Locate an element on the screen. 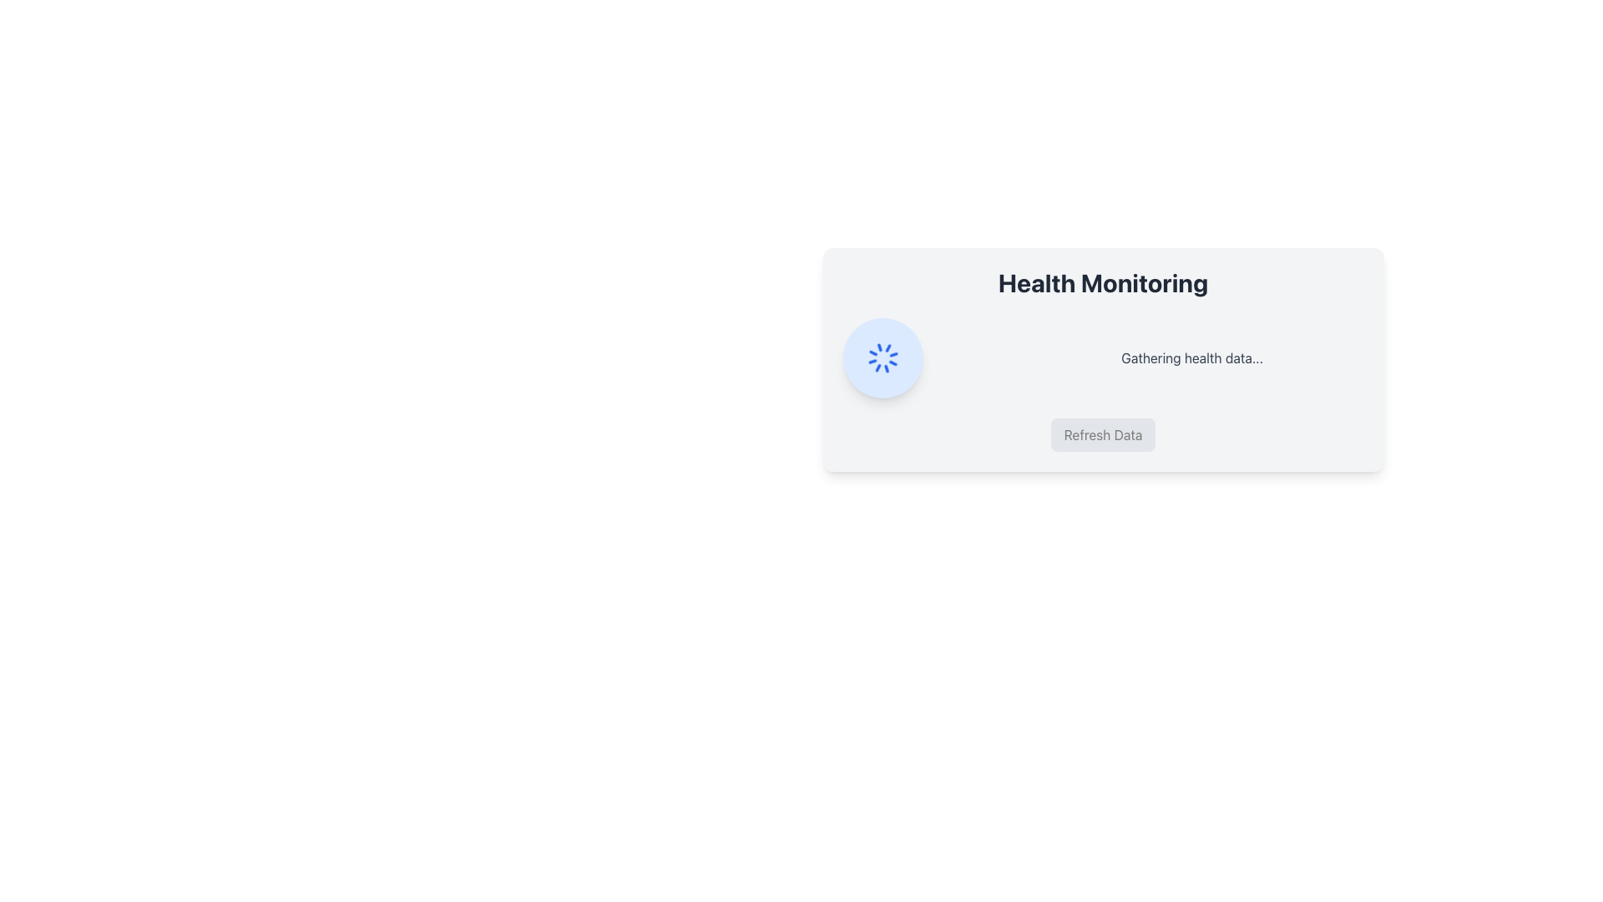  the 'Refresh Data' button located at the bottom-right of the 'Health Monitoring' card to refresh data is located at coordinates (1103, 433).